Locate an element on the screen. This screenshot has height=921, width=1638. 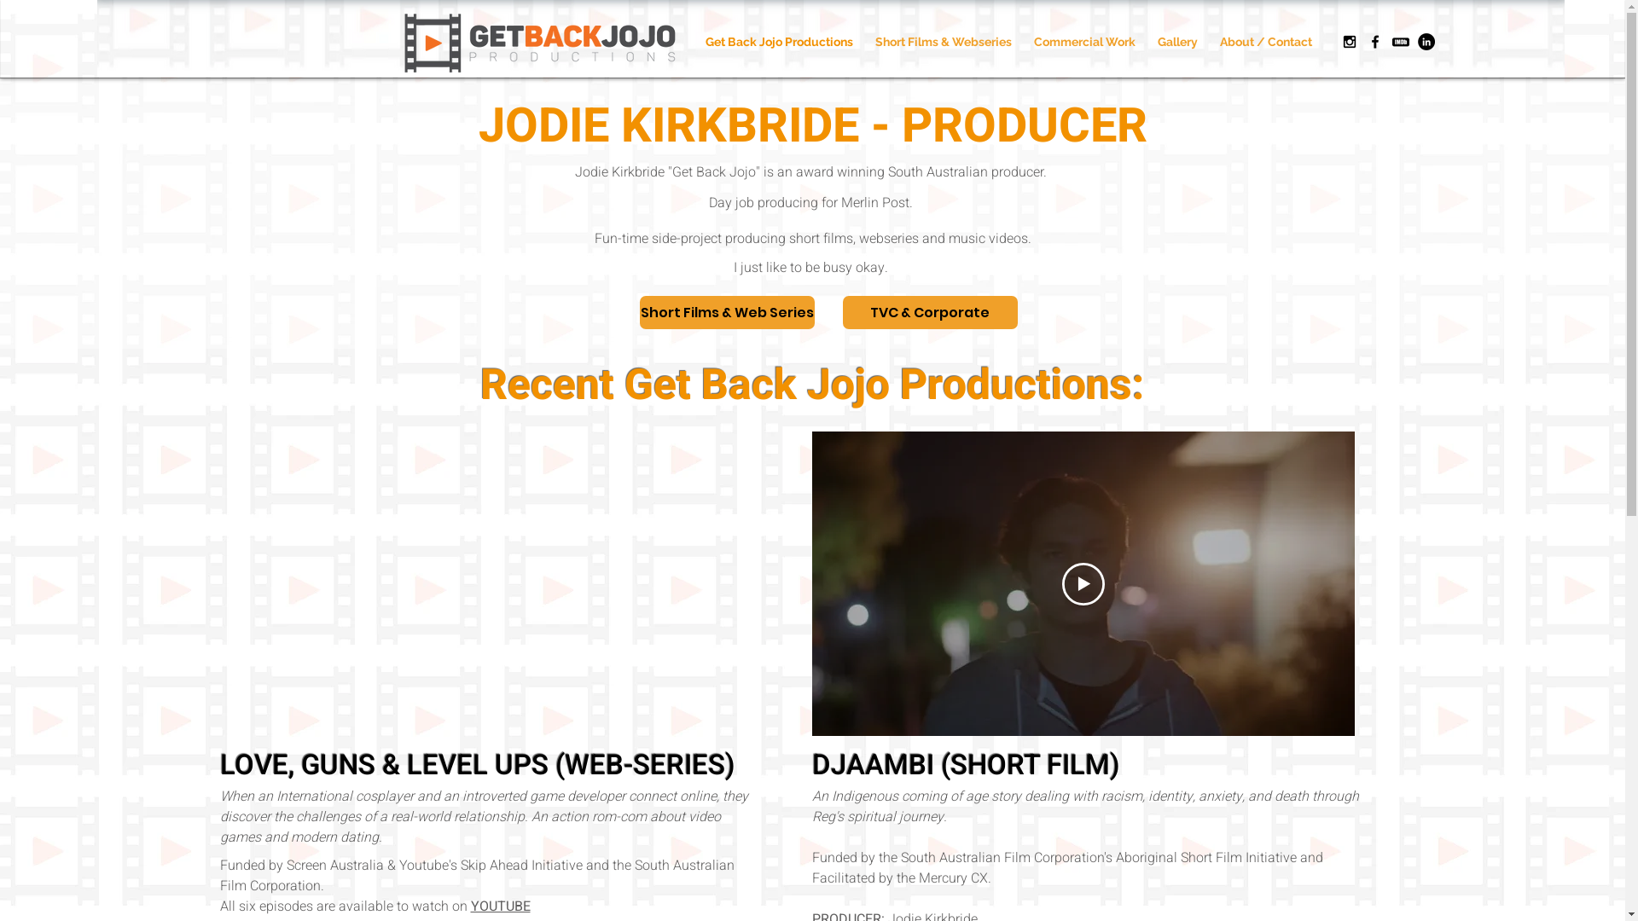
'Gallery' is located at coordinates (1176, 41).